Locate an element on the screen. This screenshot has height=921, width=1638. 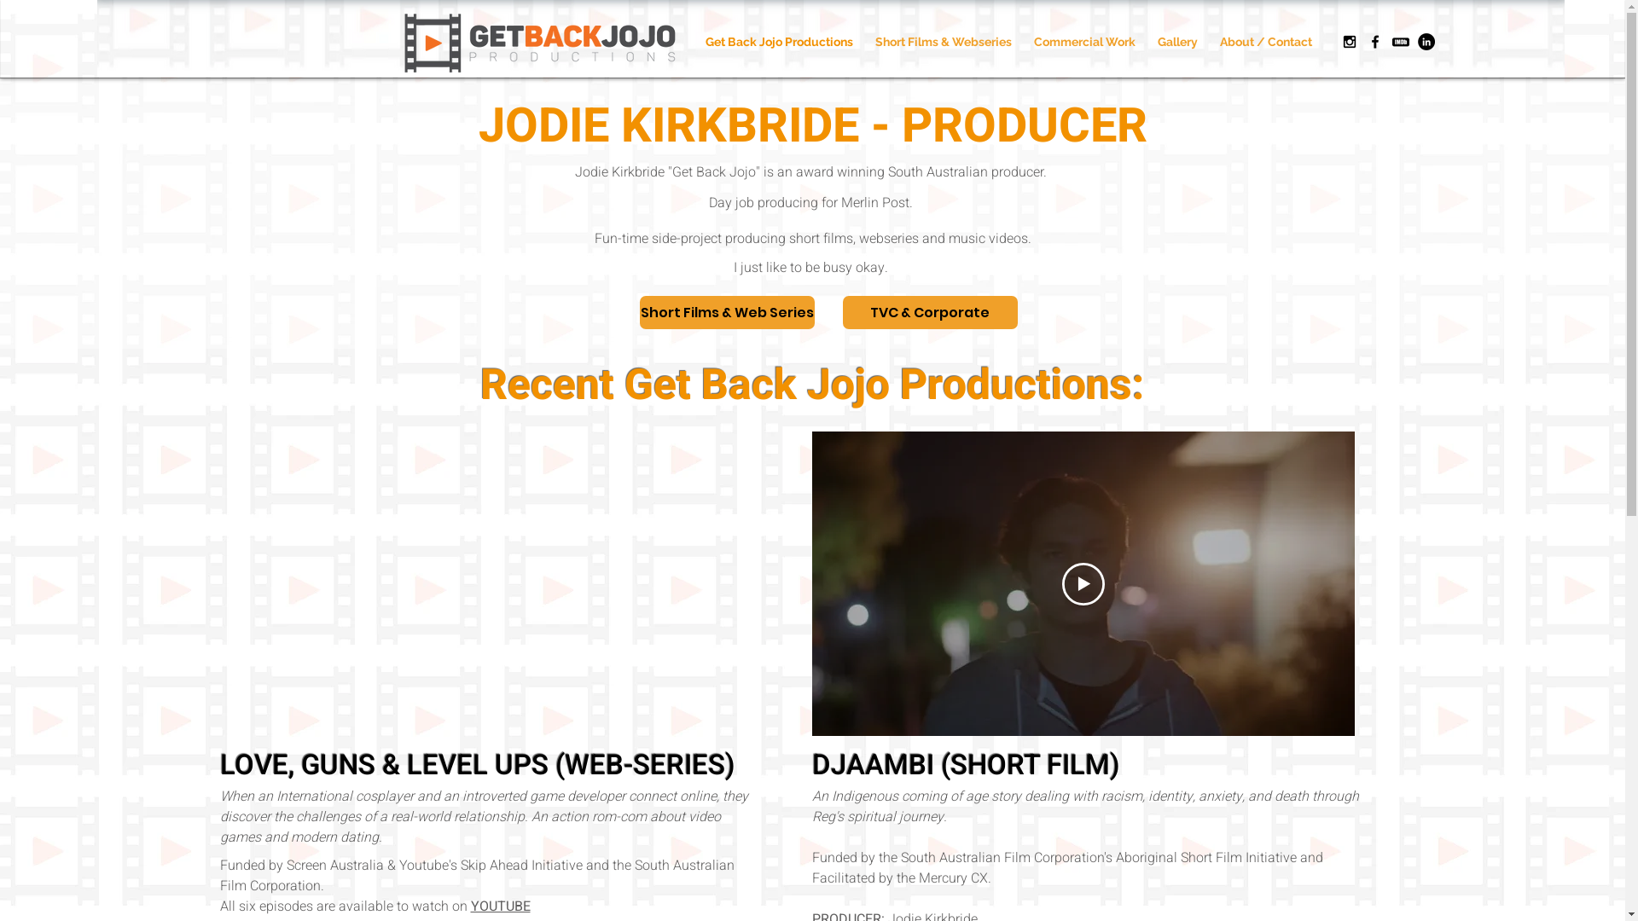
'Gallery' is located at coordinates (1176, 41).